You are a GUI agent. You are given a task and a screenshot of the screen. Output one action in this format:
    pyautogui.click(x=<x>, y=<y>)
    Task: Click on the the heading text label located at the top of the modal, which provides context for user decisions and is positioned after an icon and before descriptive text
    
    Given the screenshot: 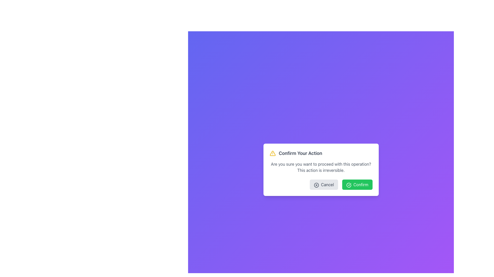 What is the action you would take?
    pyautogui.click(x=300, y=153)
    